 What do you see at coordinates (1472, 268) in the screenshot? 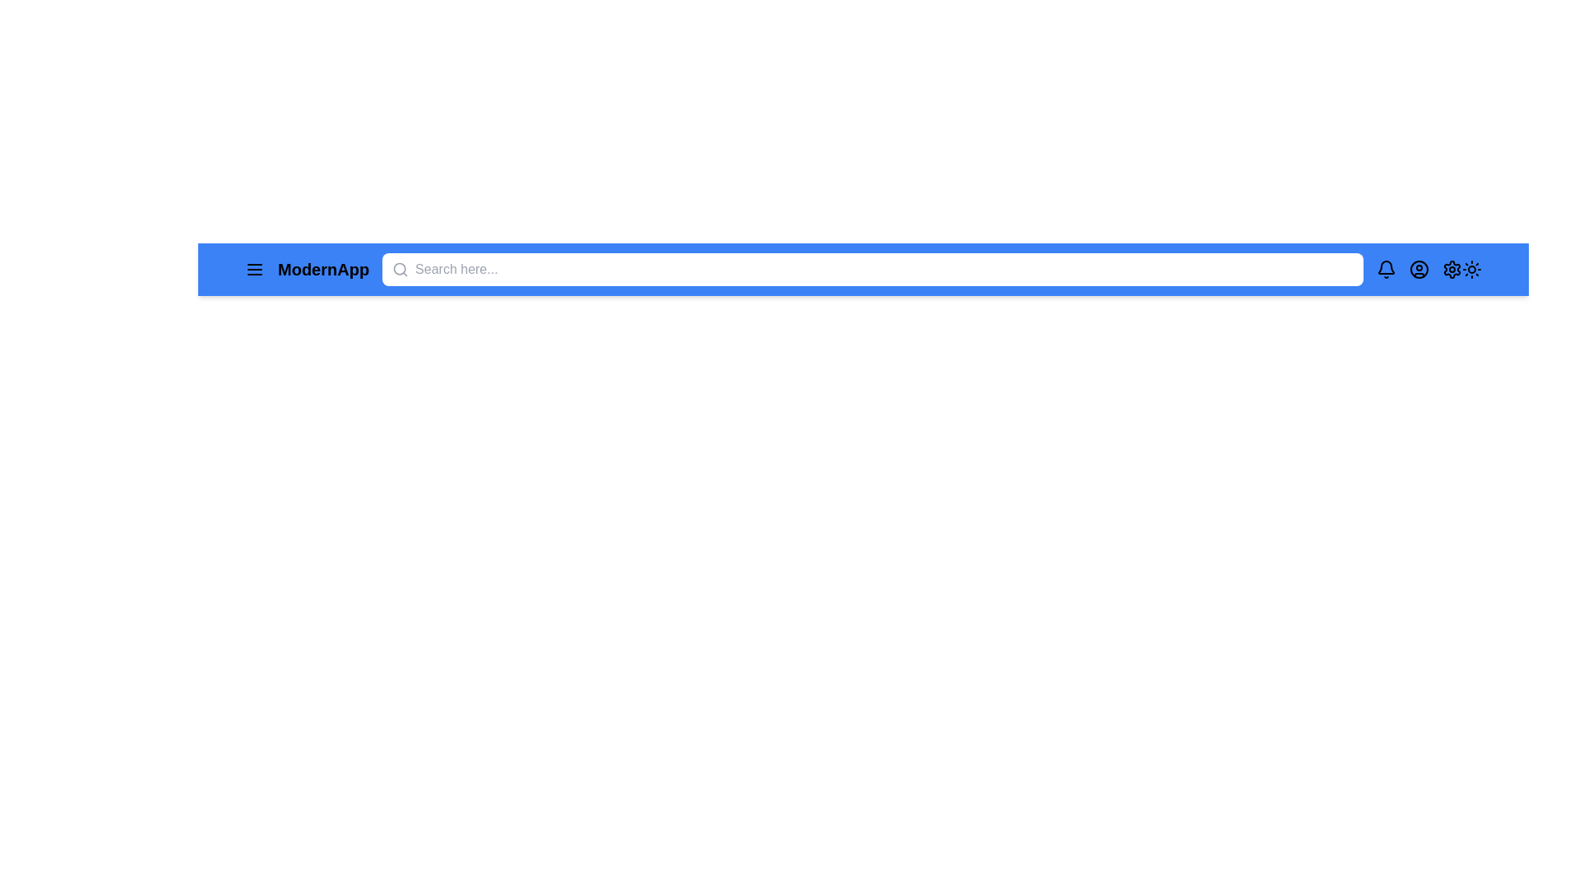
I see `the sun icon to toggle light/dark mode` at bounding box center [1472, 268].